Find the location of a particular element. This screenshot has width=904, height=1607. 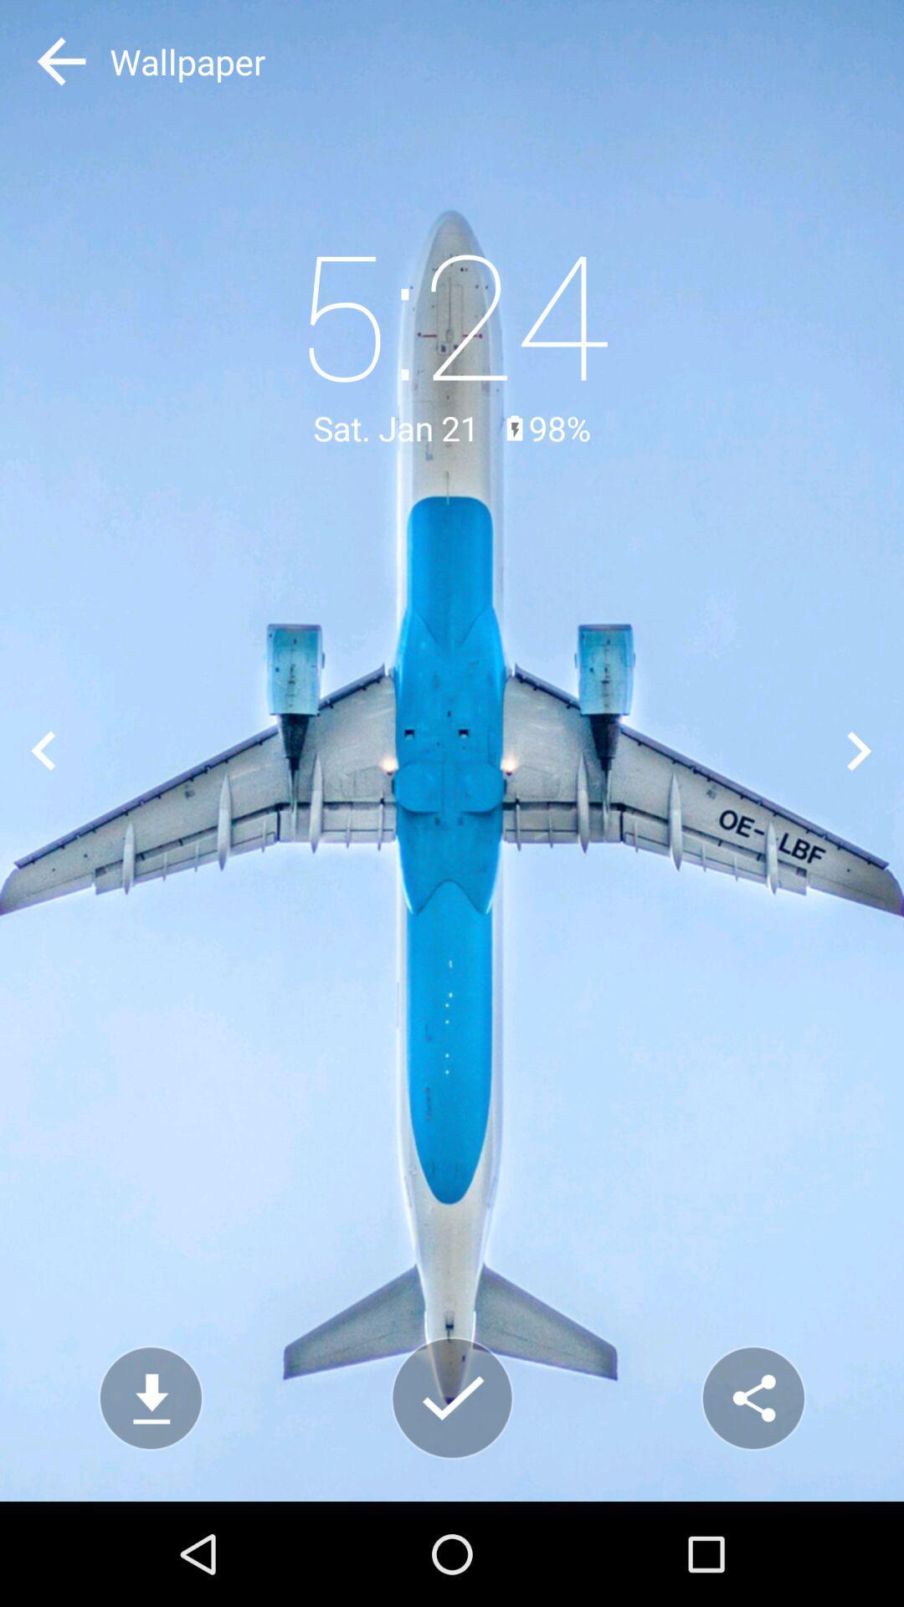

navigate to the right is located at coordinates (860, 750).